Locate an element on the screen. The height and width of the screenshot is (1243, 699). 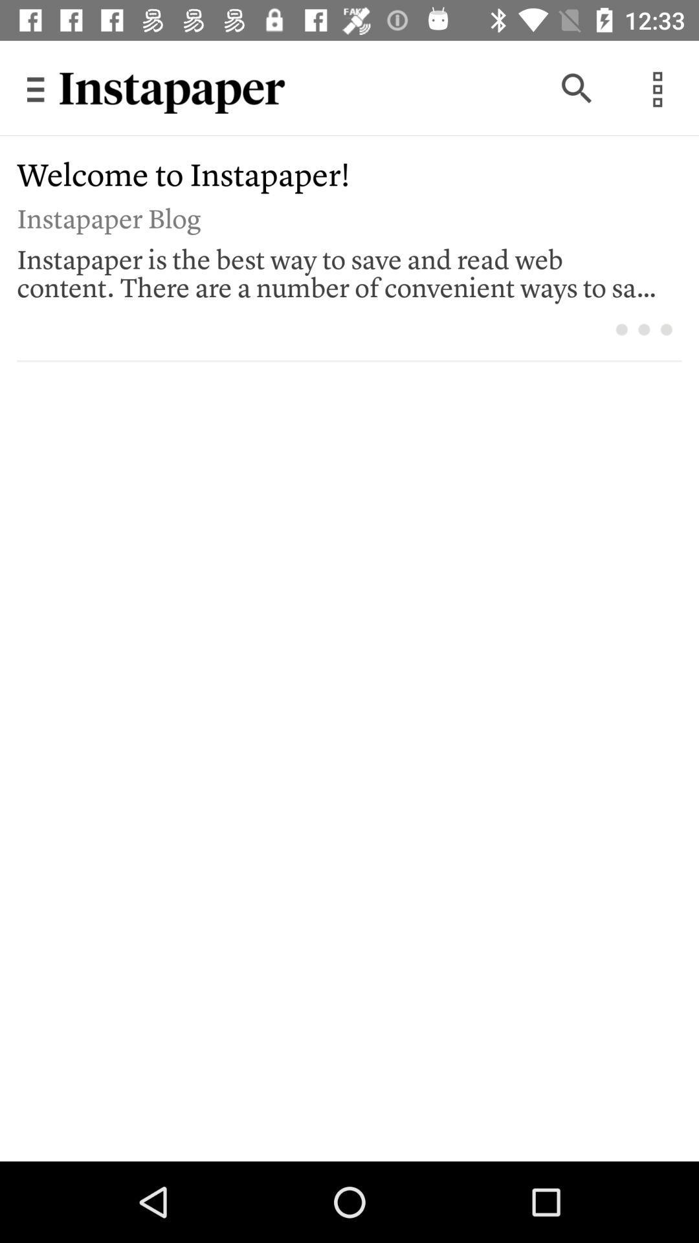
item below the instapaper blog icon is located at coordinates (340, 269).